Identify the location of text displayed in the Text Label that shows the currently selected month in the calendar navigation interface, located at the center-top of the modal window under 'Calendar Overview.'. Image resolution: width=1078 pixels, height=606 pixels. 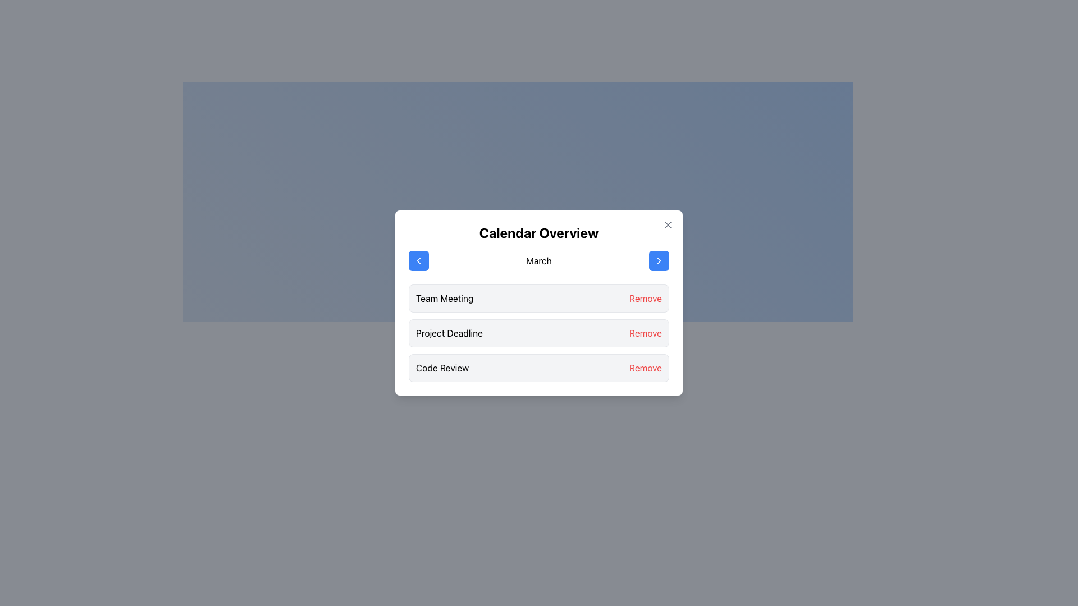
(539, 261).